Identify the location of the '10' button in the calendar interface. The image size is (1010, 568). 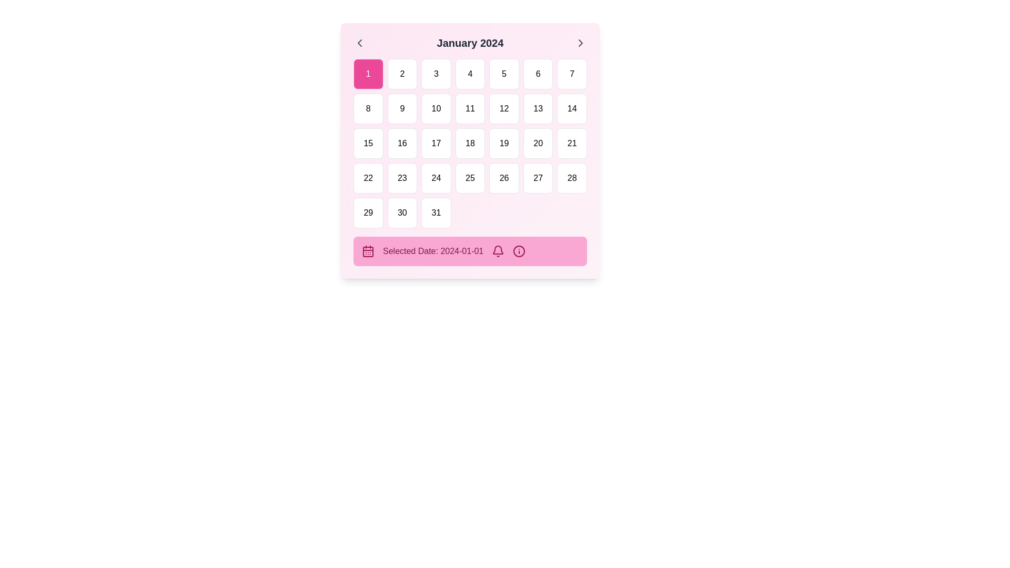
(436, 109).